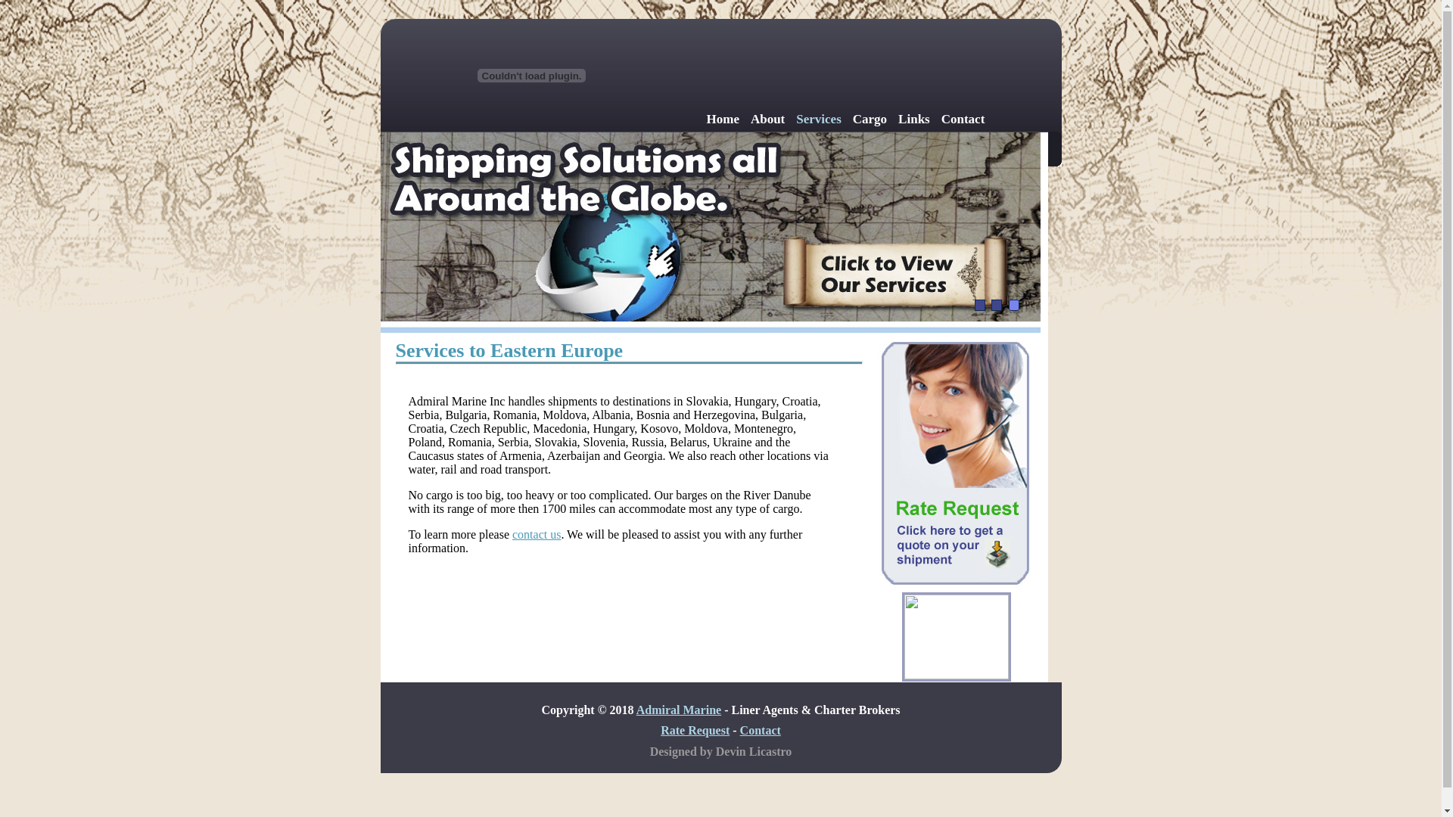 This screenshot has height=817, width=1453. I want to click on 'contact us', so click(537, 533).